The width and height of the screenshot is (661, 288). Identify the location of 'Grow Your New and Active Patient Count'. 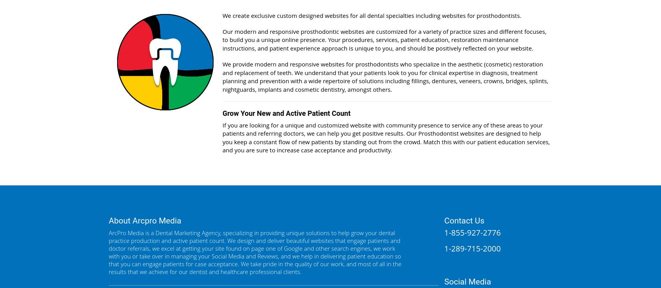
(286, 112).